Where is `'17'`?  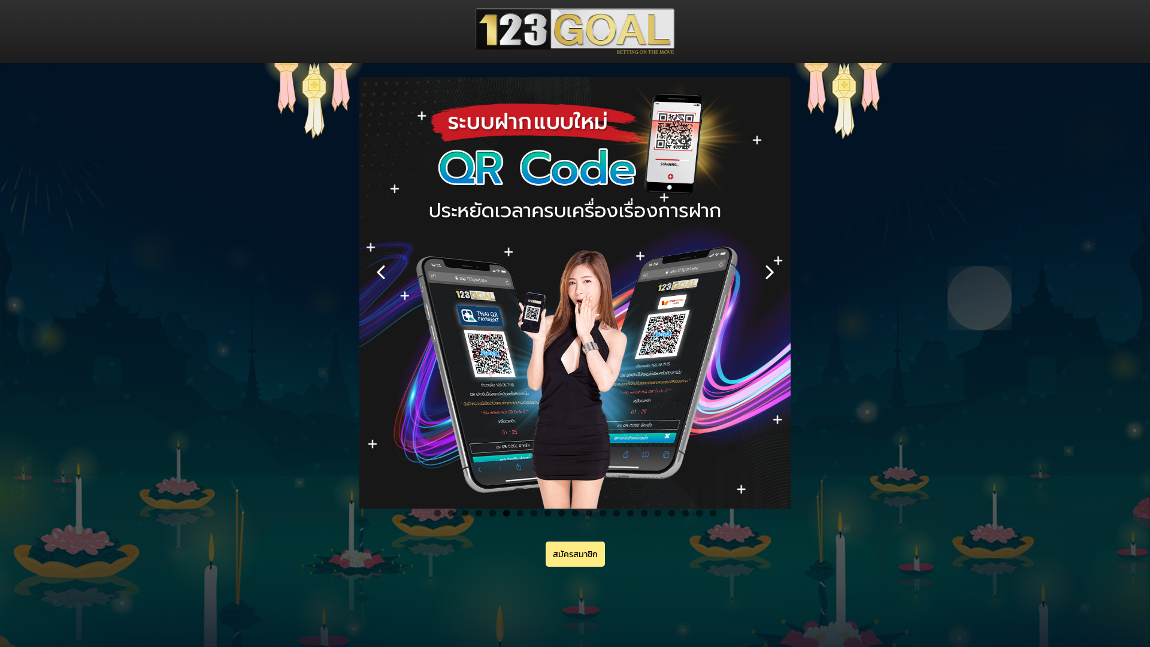
'17' is located at coordinates (656, 512).